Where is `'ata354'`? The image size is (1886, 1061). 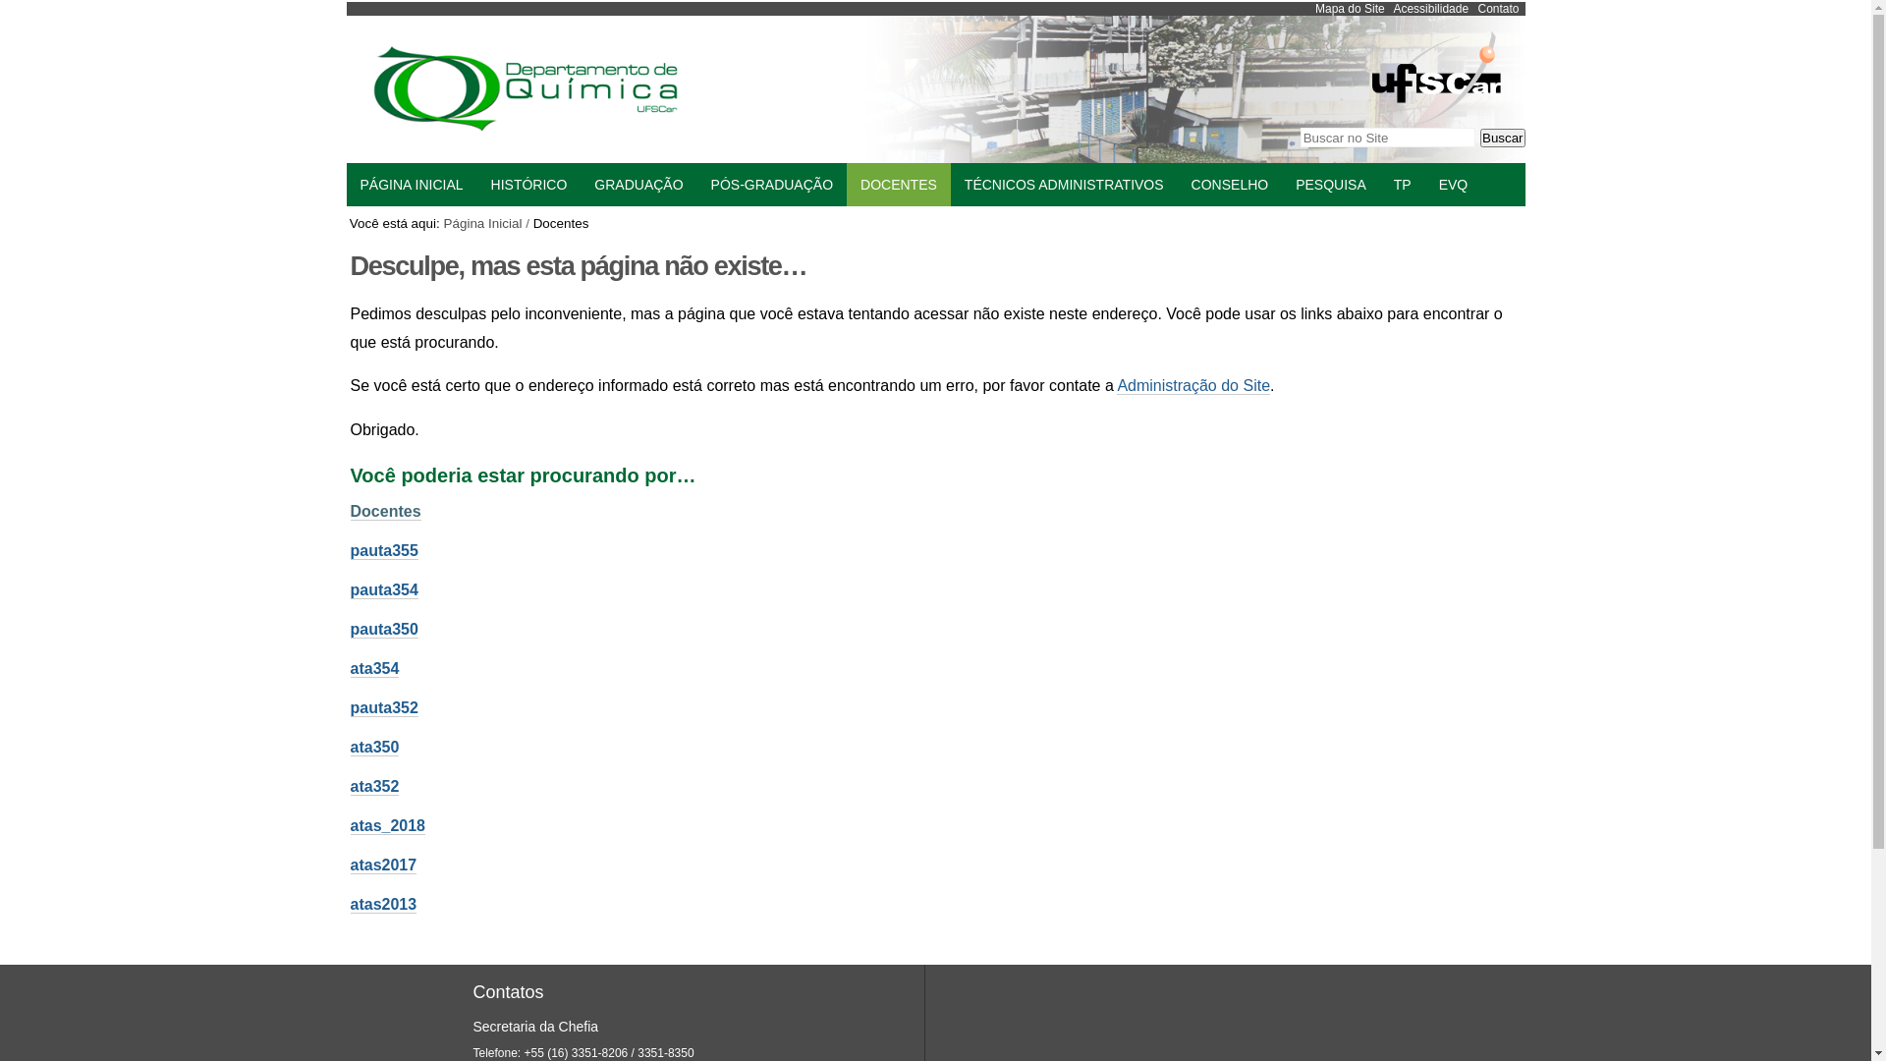
'ata354' is located at coordinates (349, 668).